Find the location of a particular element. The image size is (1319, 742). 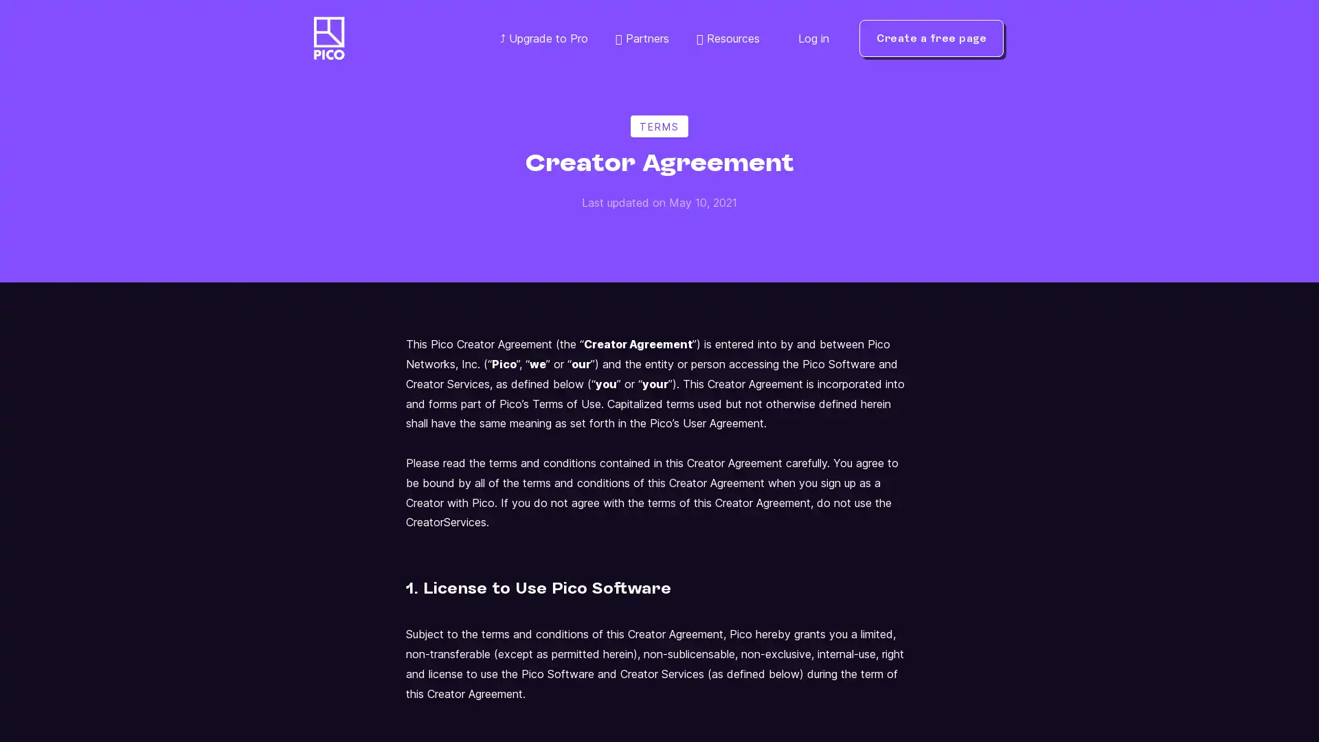

Preferences is located at coordinates (912, 677).